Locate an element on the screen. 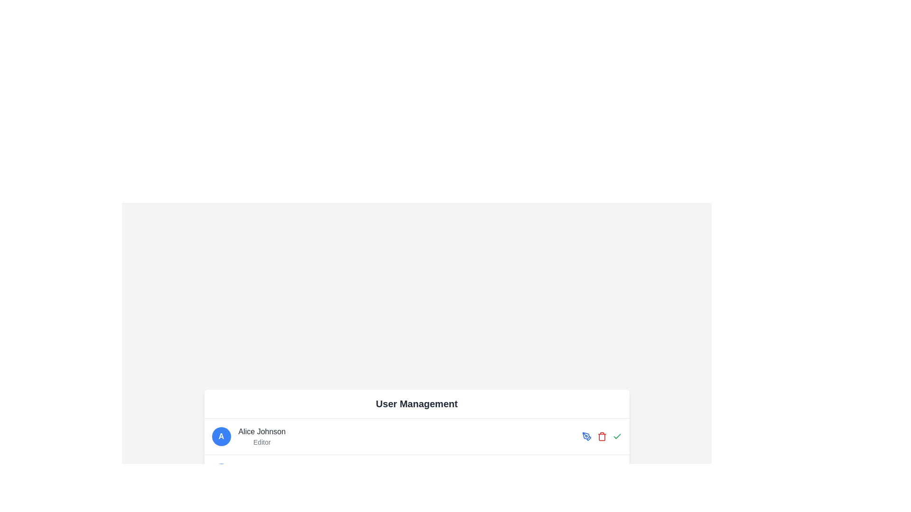 Image resolution: width=911 pixels, height=512 pixels. the text label displaying 'Editor' which is styled in a small, light gray font, located below the name 'Alice Johnson' and beside a circular avatar with an 'A' is located at coordinates (262, 442).